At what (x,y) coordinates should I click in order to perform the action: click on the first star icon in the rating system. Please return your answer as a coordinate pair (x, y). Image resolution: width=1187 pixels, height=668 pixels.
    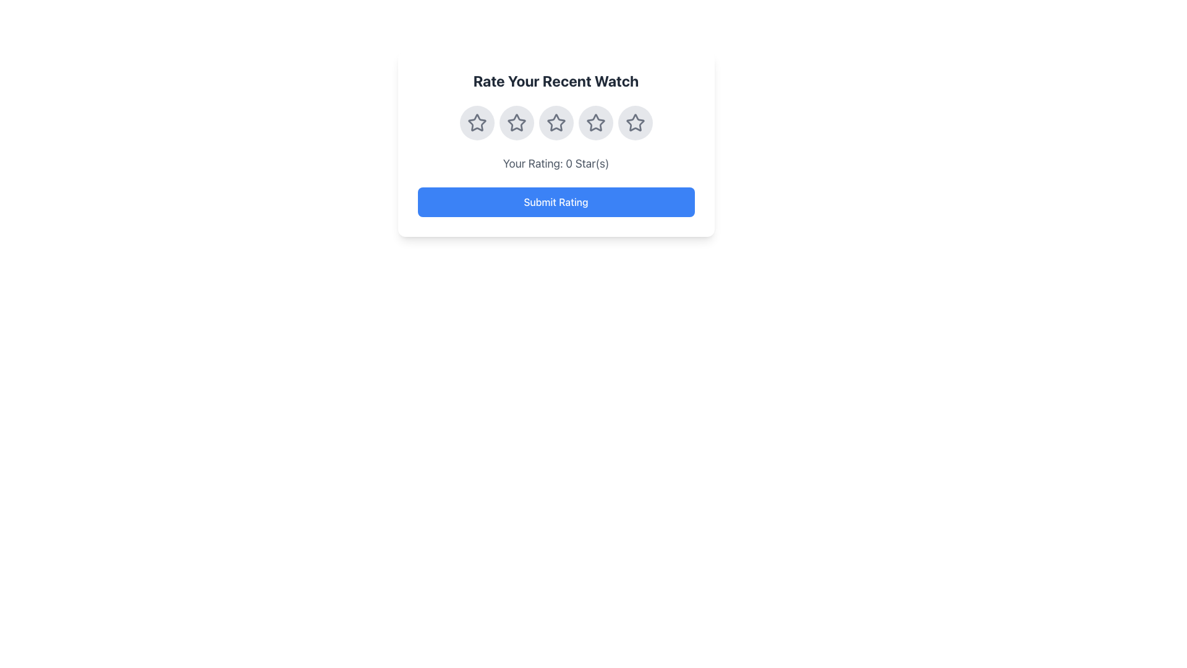
    Looking at the image, I should click on (476, 123).